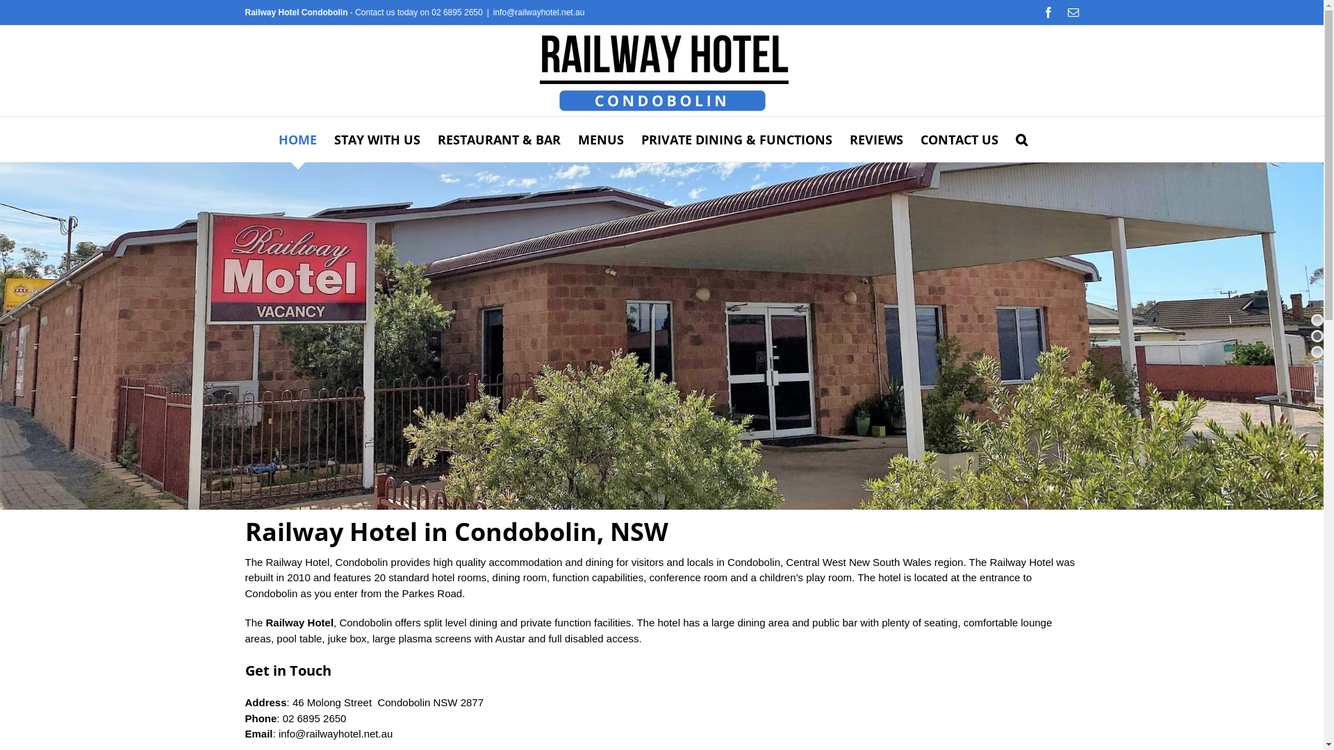  Describe the element at coordinates (1021, 139) in the screenshot. I see `'Search'` at that location.